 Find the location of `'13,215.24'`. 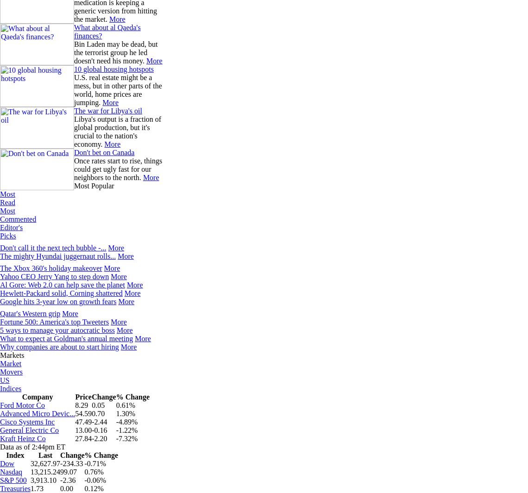

'13,215.24' is located at coordinates (31, 472).